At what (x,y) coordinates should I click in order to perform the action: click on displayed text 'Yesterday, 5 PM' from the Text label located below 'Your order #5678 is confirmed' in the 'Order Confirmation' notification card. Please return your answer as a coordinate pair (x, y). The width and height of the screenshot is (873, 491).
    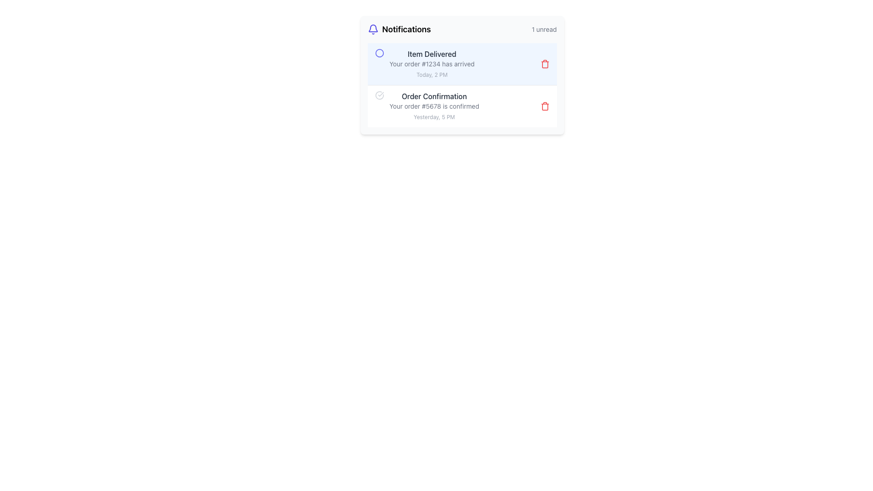
    Looking at the image, I should click on (434, 116).